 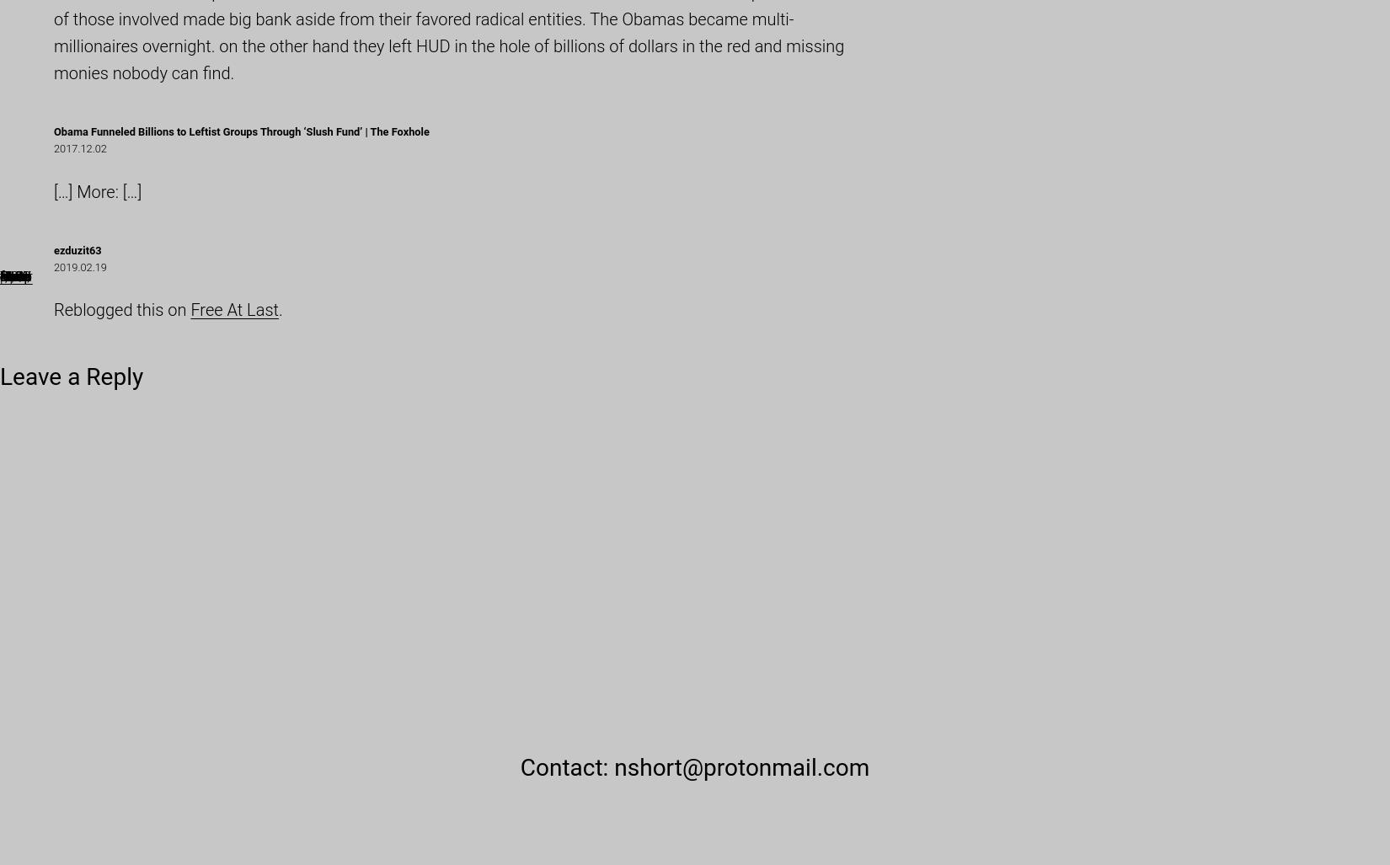 I want to click on 'Leave a Reply', so click(x=0, y=376).